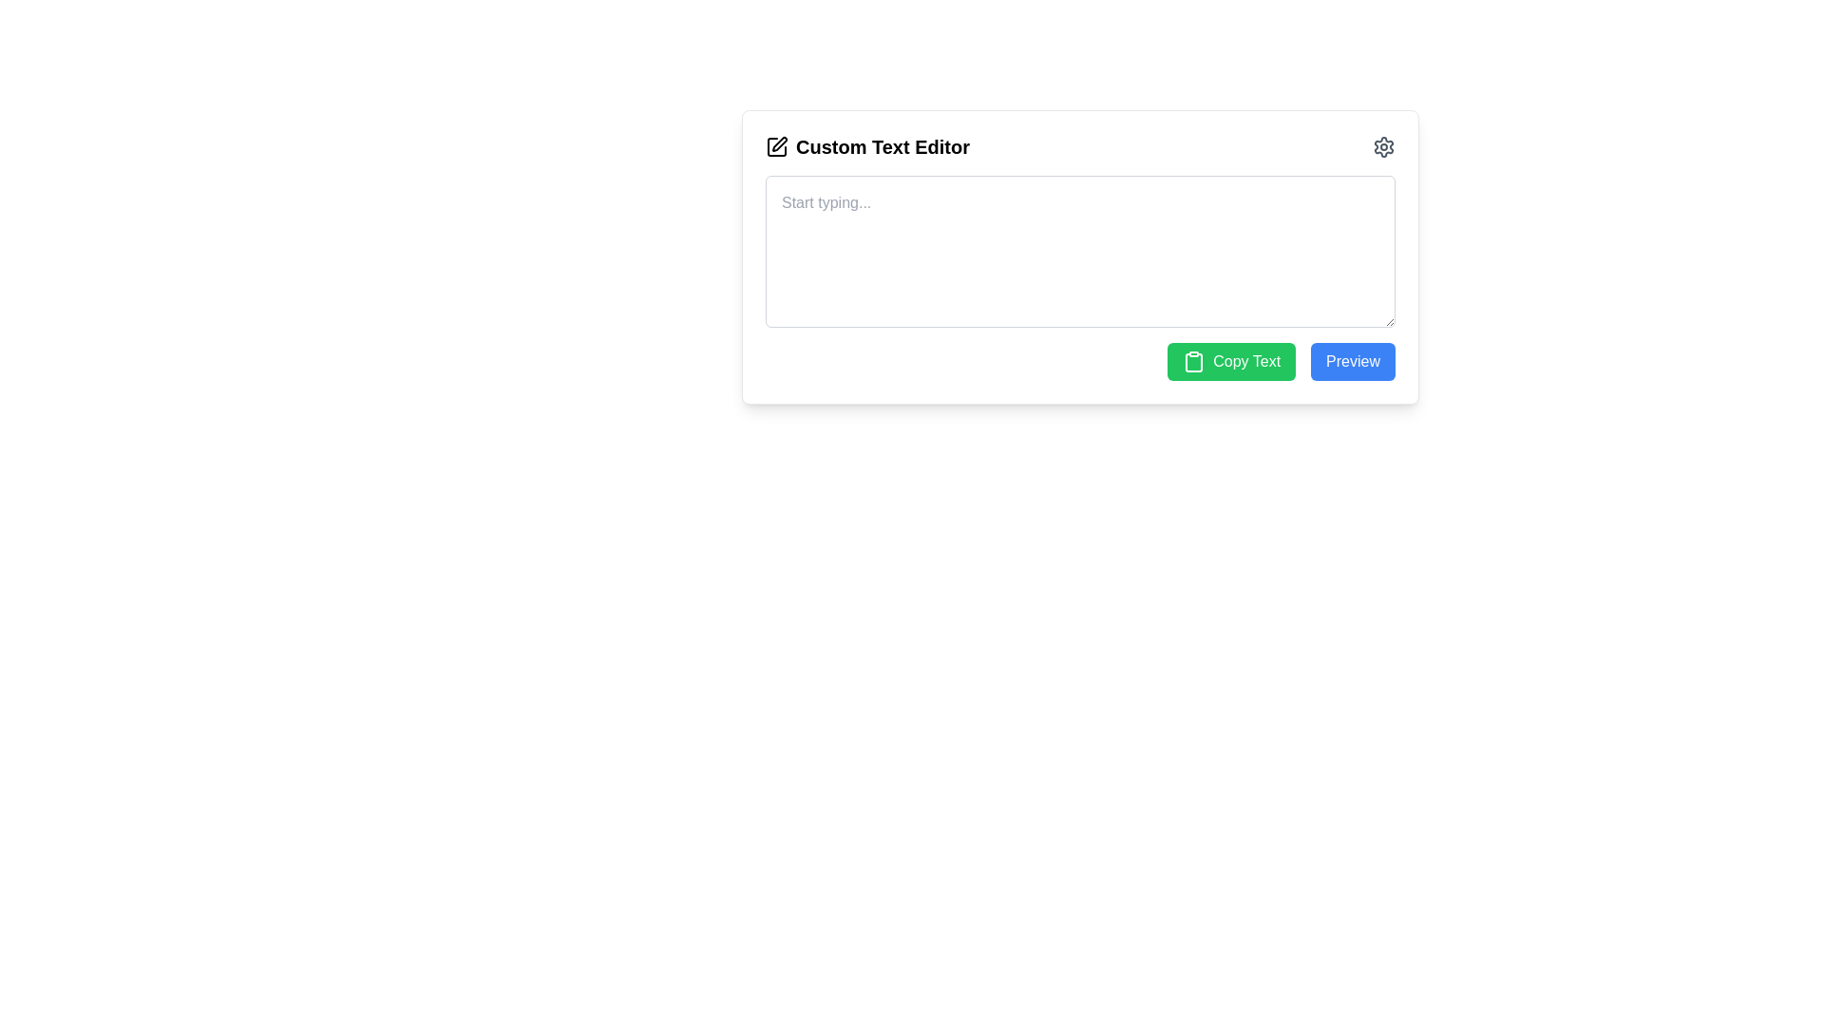 This screenshot has width=1824, height=1026. Describe the element at coordinates (866, 145) in the screenshot. I see `title of the text label saying 'Custom Text Editor' located in the top-left section of the header area` at that location.